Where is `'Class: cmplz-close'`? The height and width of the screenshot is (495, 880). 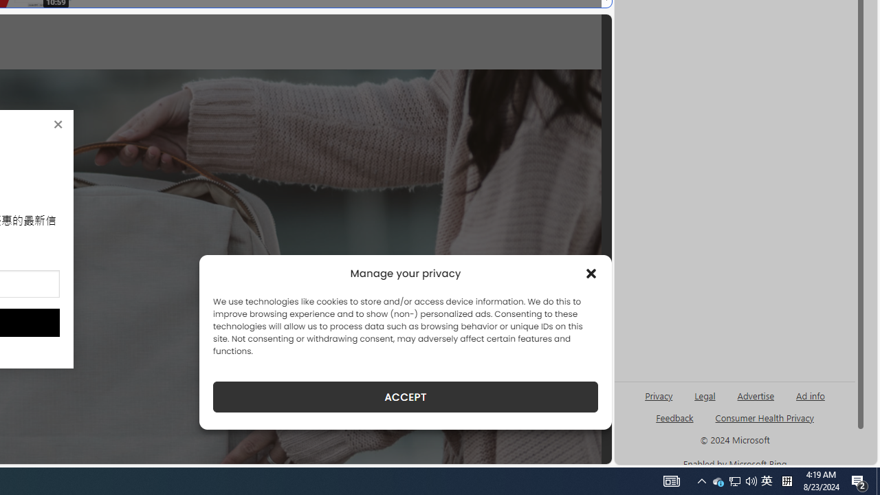
'Class: cmplz-close' is located at coordinates (591, 274).